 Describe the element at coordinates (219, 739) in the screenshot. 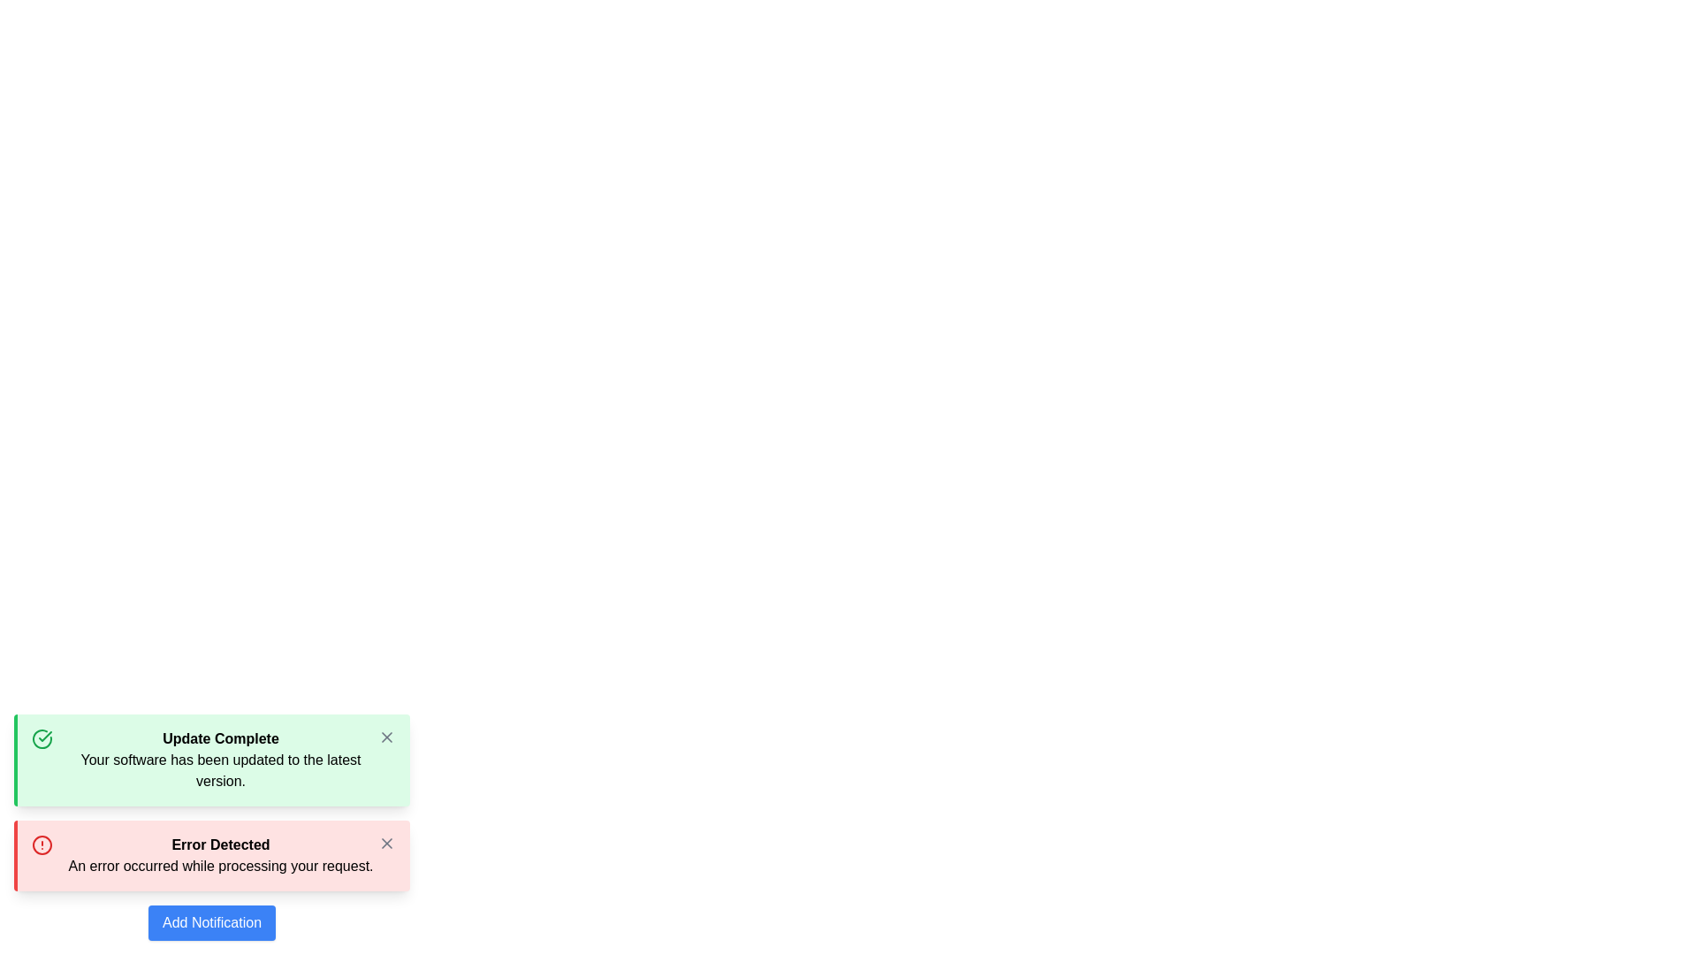

I see `the title text element located at the upper section of the light green notification card, which summarizes the purpose of the notification` at that location.